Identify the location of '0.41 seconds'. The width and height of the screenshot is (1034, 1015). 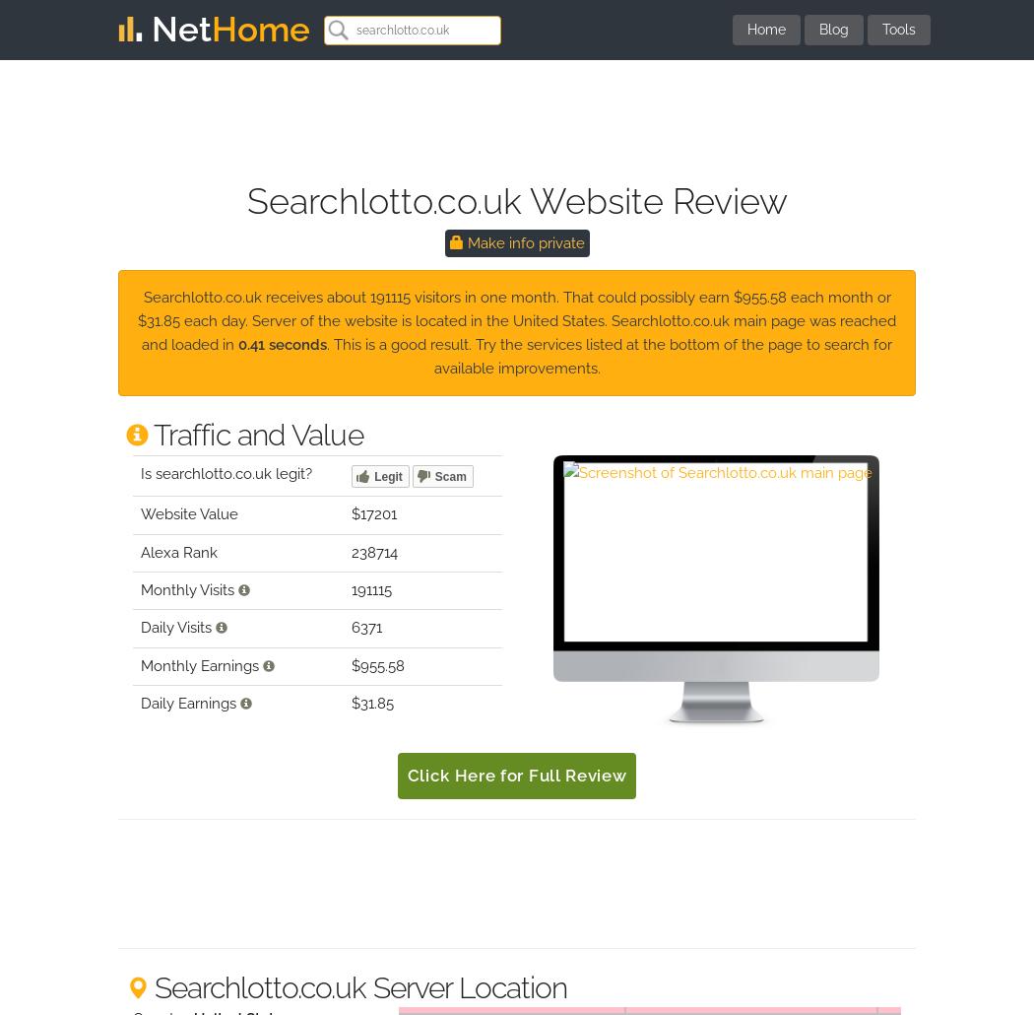
(281, 343).